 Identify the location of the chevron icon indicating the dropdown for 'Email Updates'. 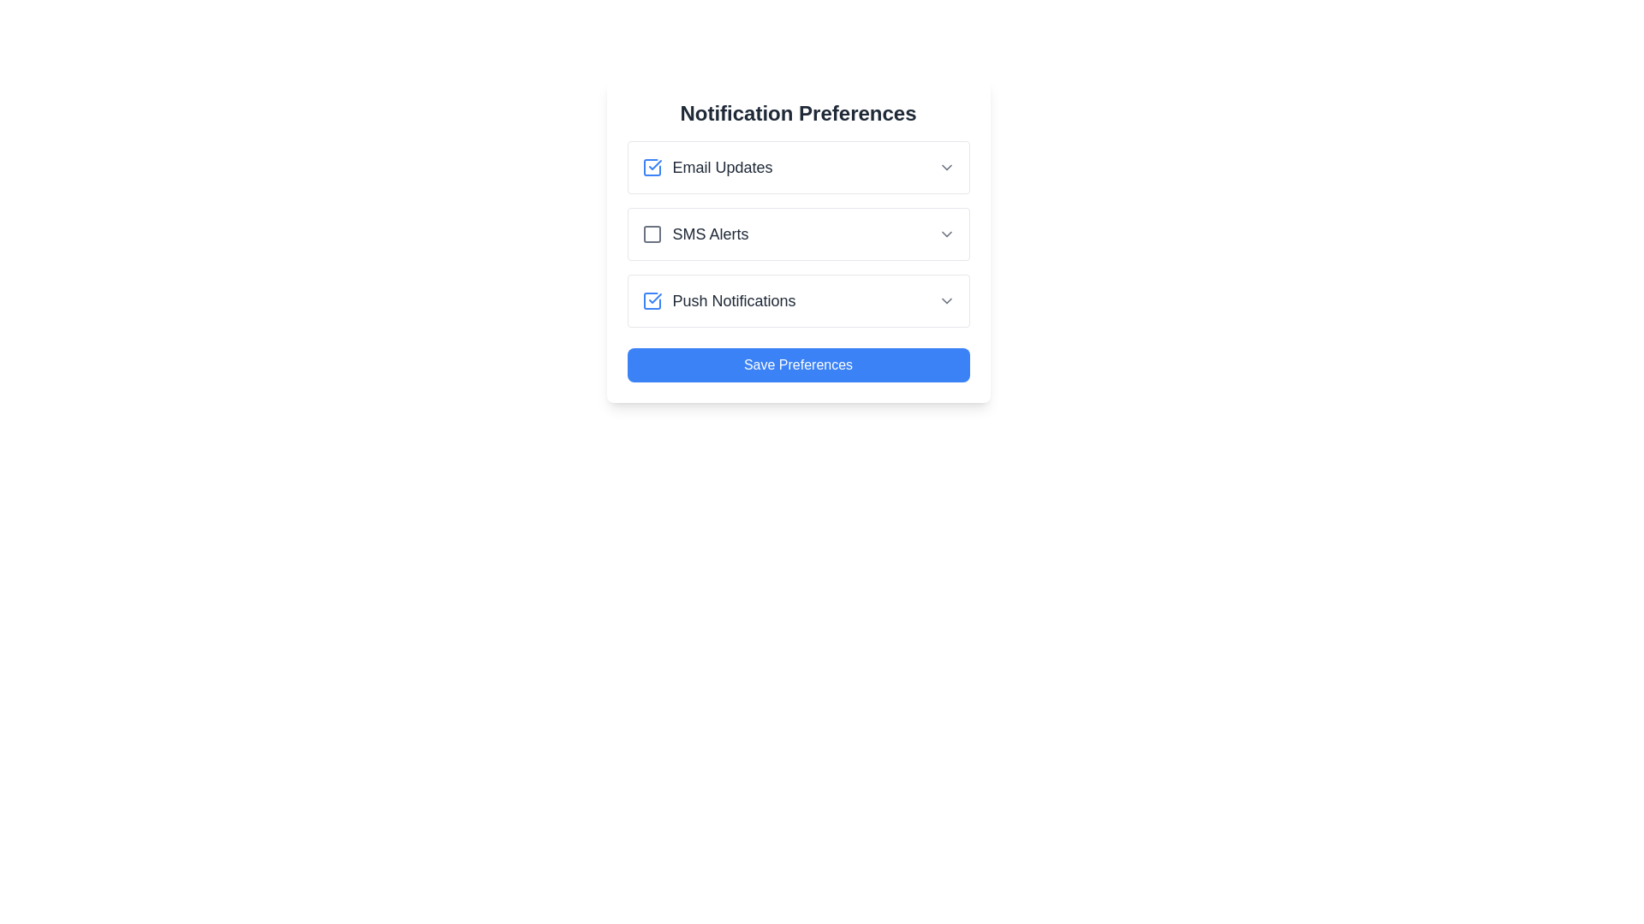
(945, 168).